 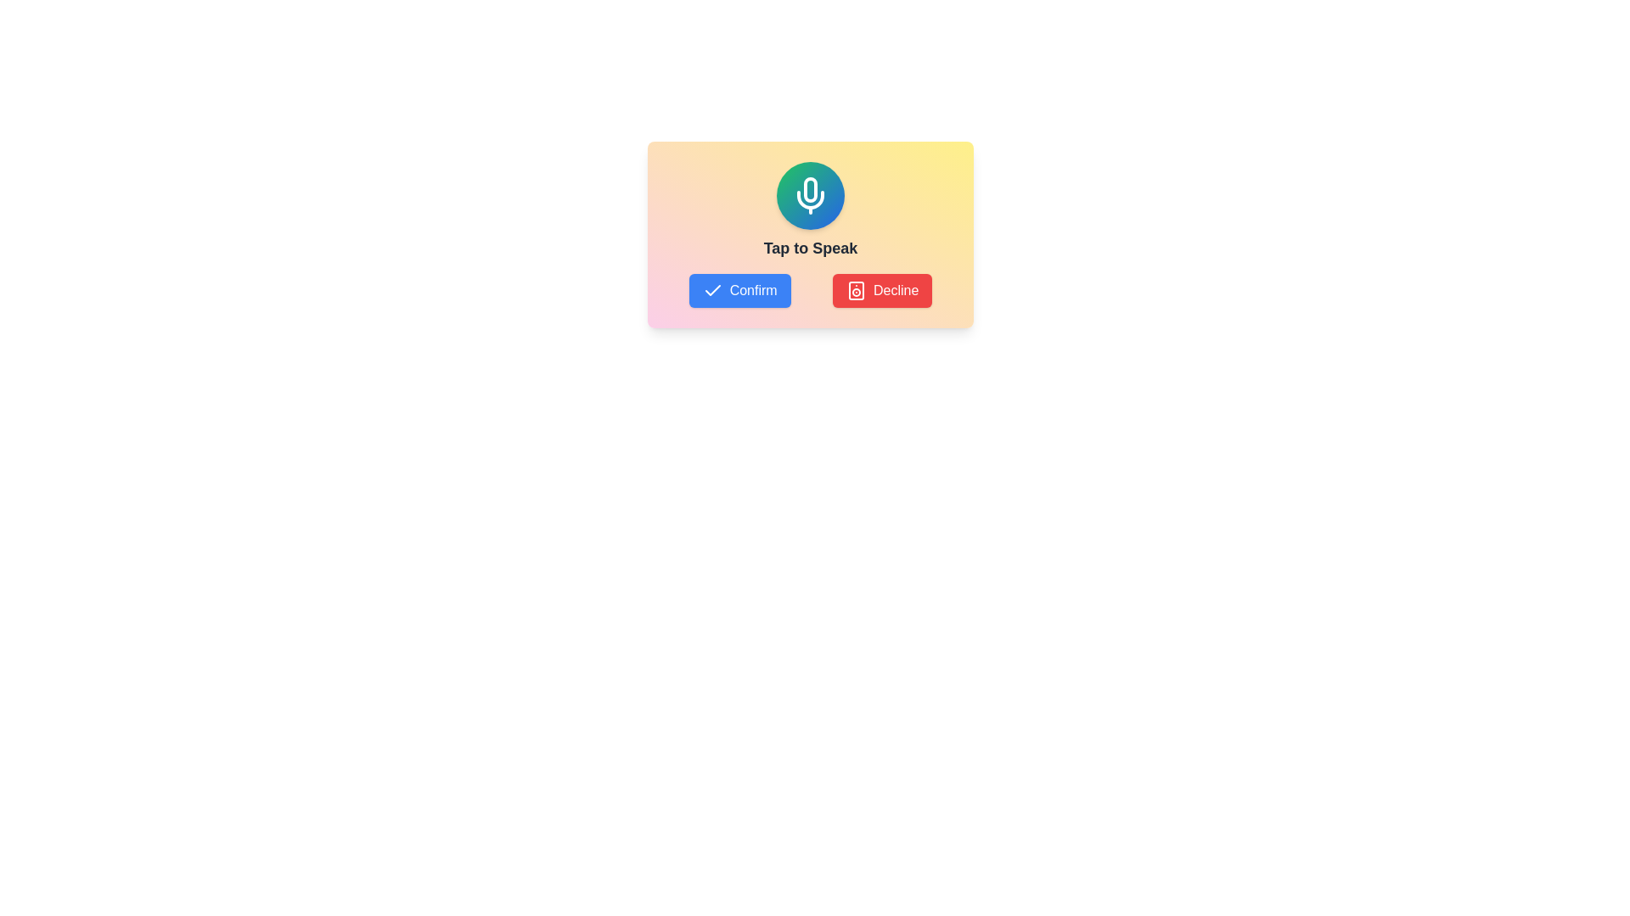 What do you see at coordinates (810, 210) in the screenshot?
I see `the interactive microphone icon labeled 'Tap to Speak'` at bounding box center [810, 210].